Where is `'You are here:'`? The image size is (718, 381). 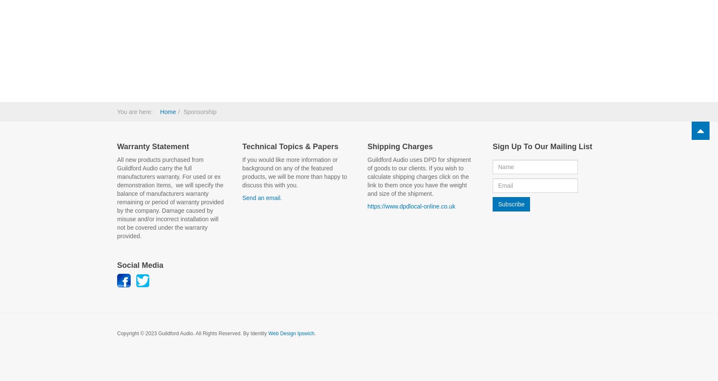
'You are here:' is located at coordinates (136, 111).